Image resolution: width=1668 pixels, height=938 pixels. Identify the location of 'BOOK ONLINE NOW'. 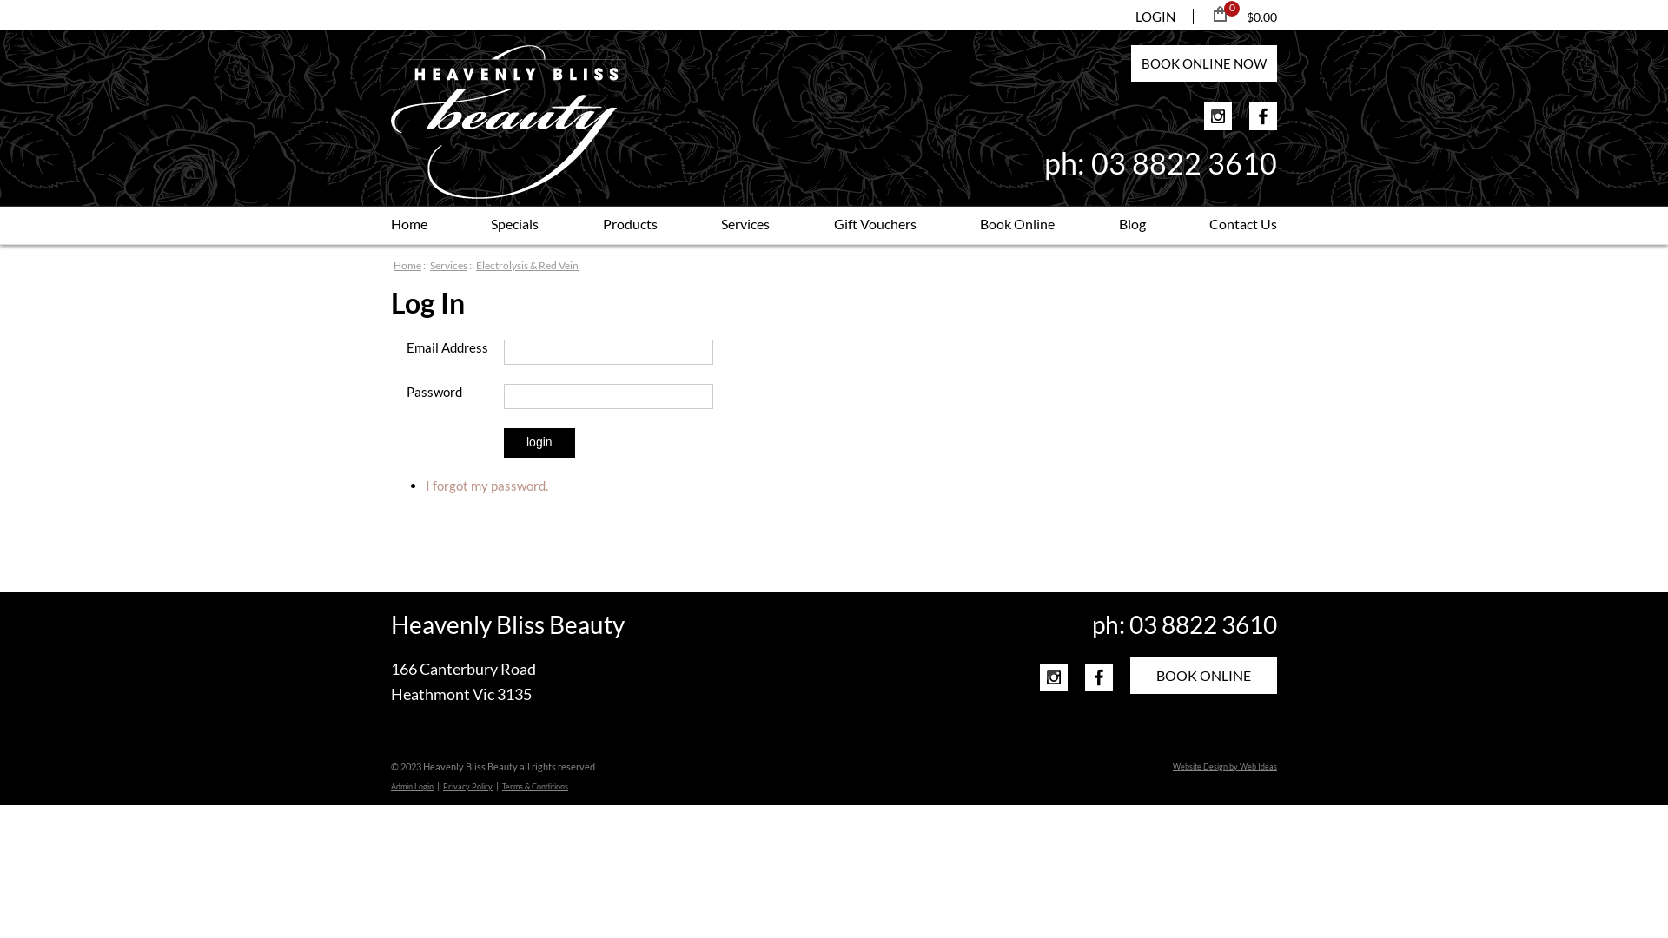
(1203, 63).